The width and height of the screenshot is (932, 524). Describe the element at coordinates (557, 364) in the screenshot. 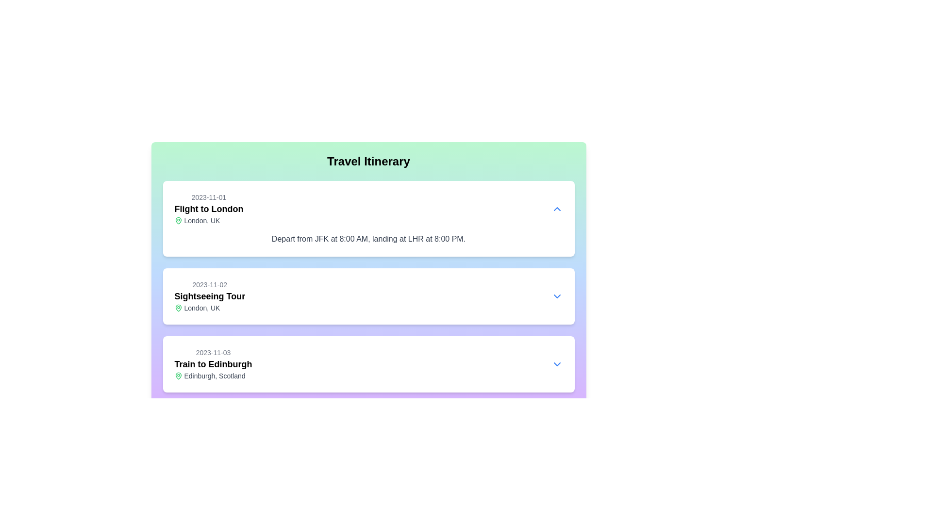

I see `the Dropdown toggle icon located at the bottom-right corner of the 'Train to Edinburgh' section to change its color` at that location.